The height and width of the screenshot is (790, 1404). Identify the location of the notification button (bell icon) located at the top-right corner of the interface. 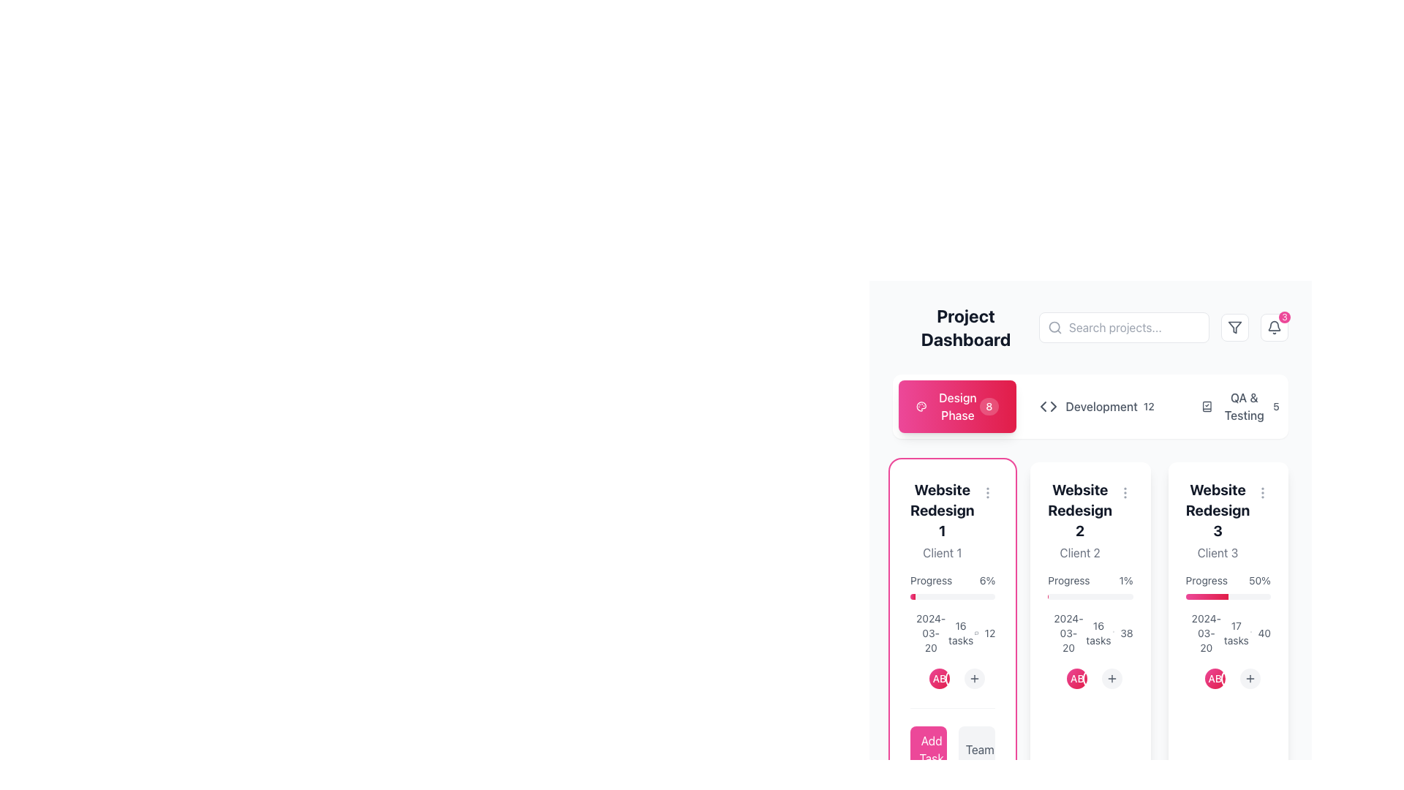
(1273, 326).